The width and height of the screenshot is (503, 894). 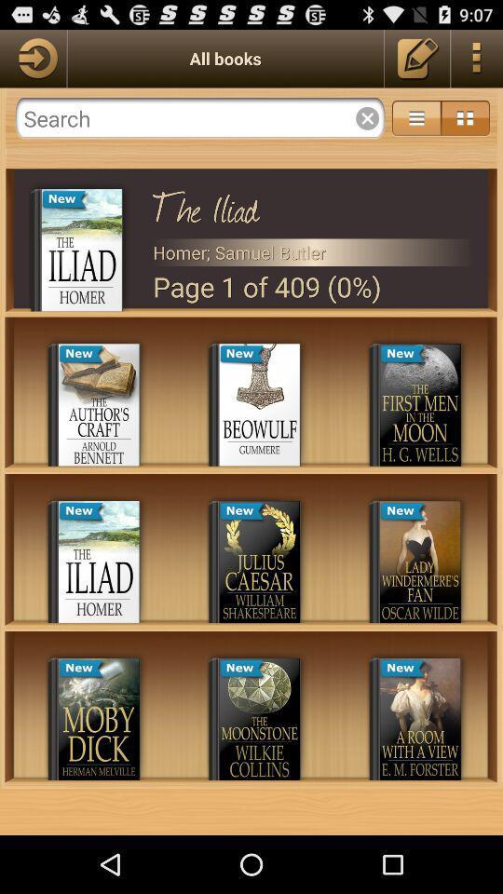 What do you see at coordinates (417, 62) in the screenshot?
I see `the edit icon` at bounding box center [417, 62].